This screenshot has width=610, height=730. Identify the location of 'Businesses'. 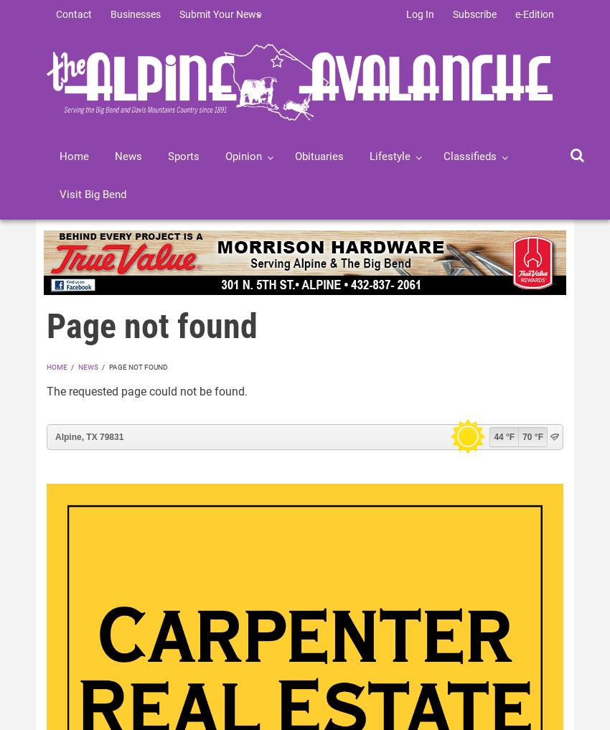
(135, 14).